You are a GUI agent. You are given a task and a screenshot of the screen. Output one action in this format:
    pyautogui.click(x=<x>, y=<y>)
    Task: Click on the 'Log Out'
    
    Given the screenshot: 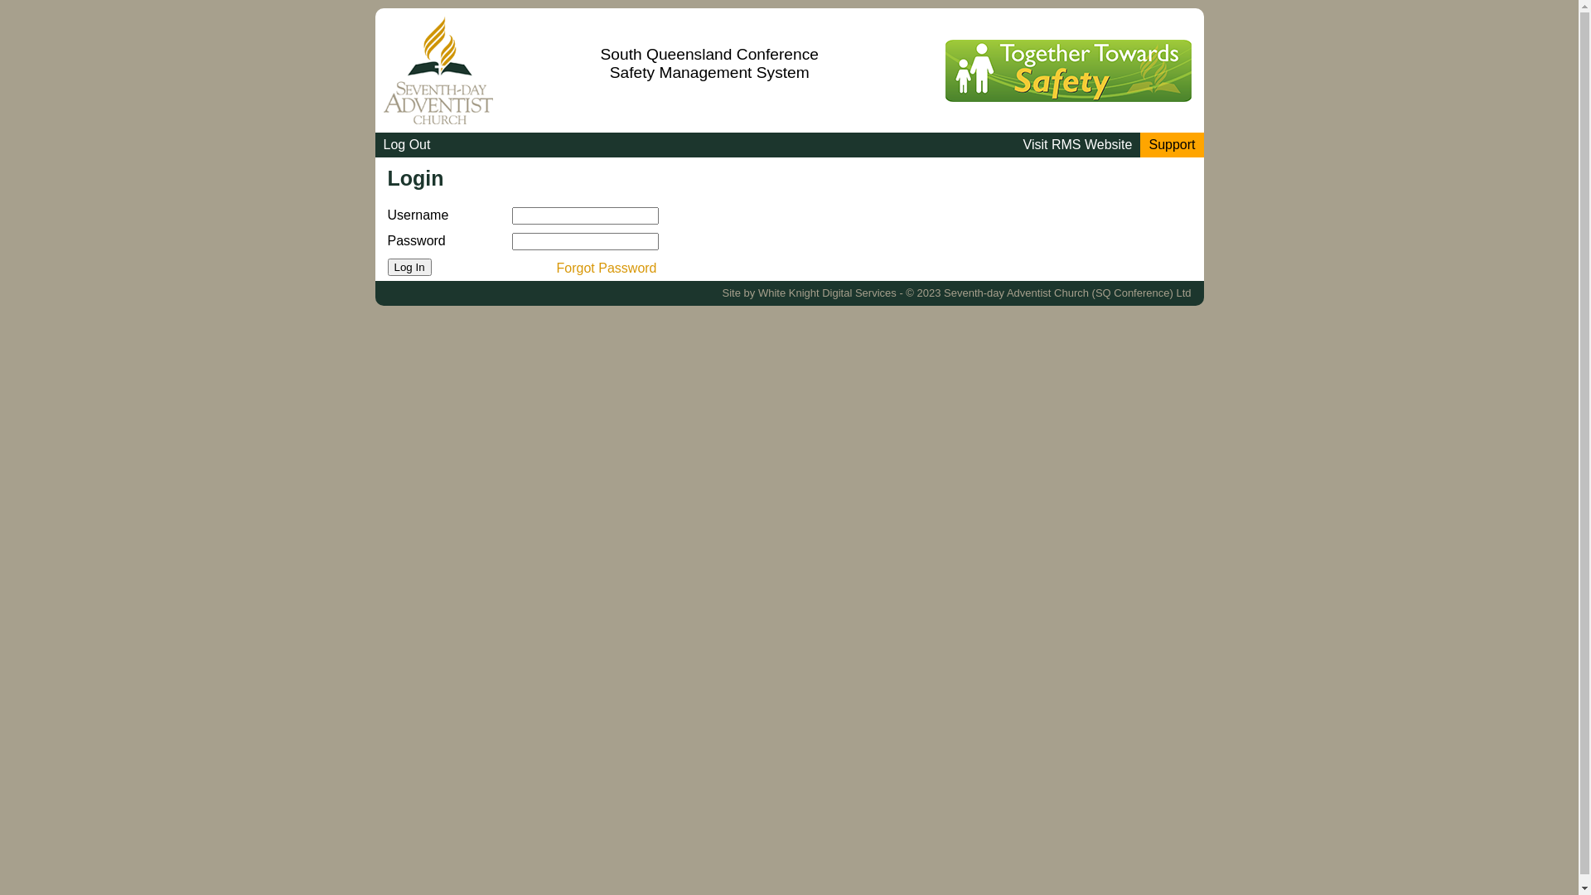 What is the action you would take?
    pyautogui.click(x=406, y=143)
    